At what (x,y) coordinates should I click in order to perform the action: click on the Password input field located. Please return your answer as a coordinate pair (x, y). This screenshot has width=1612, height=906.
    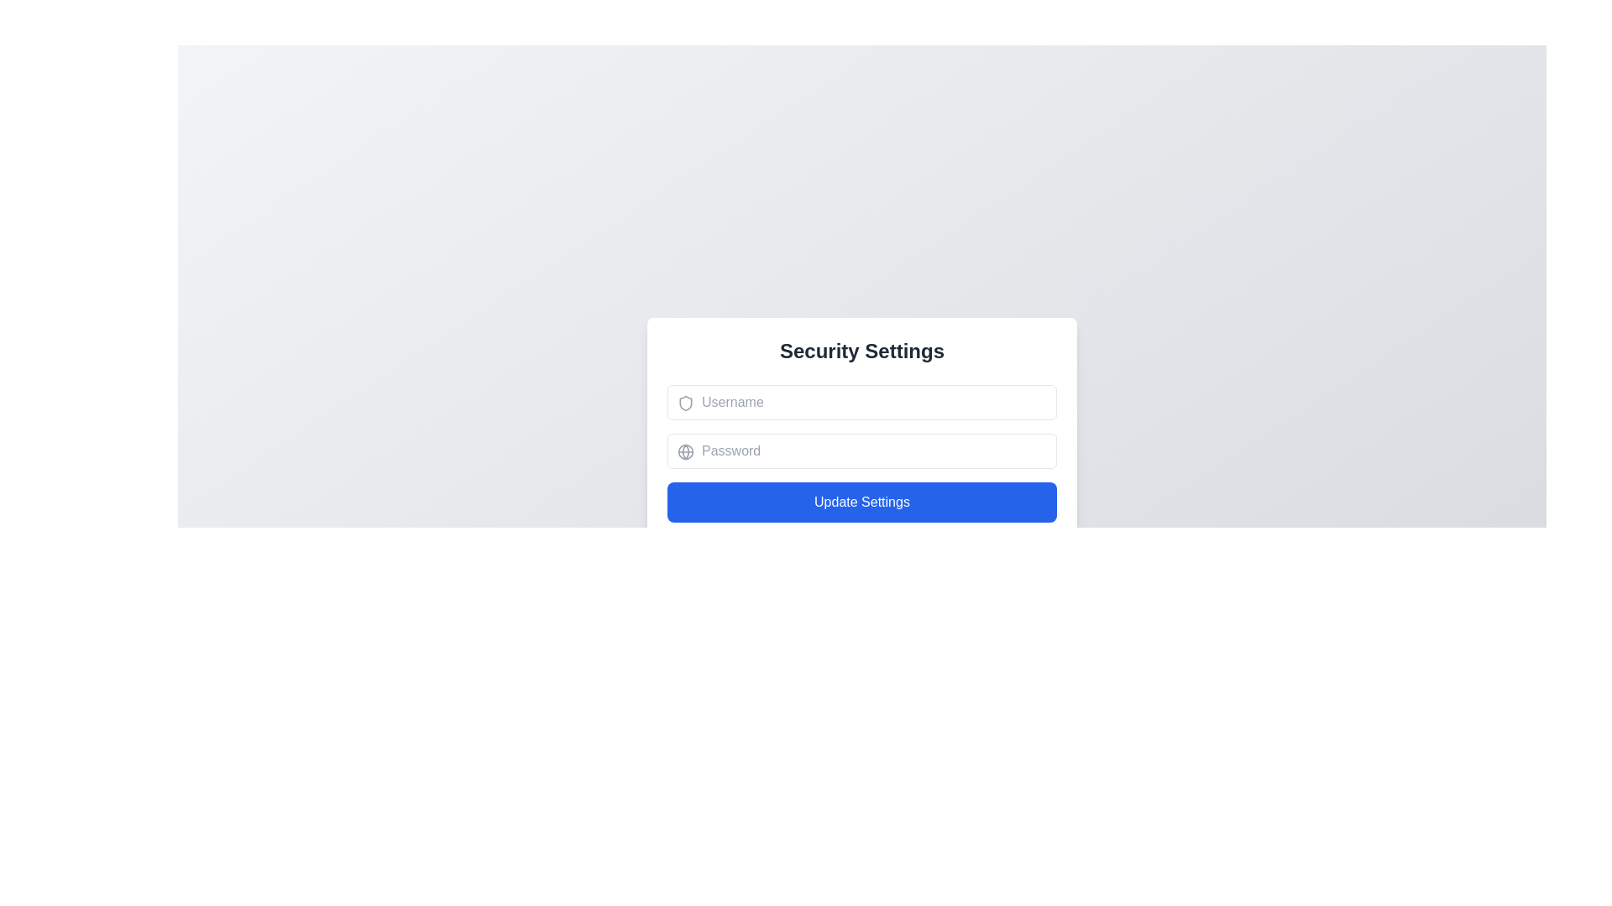
    Looking at the image, I should click on (862, 449).